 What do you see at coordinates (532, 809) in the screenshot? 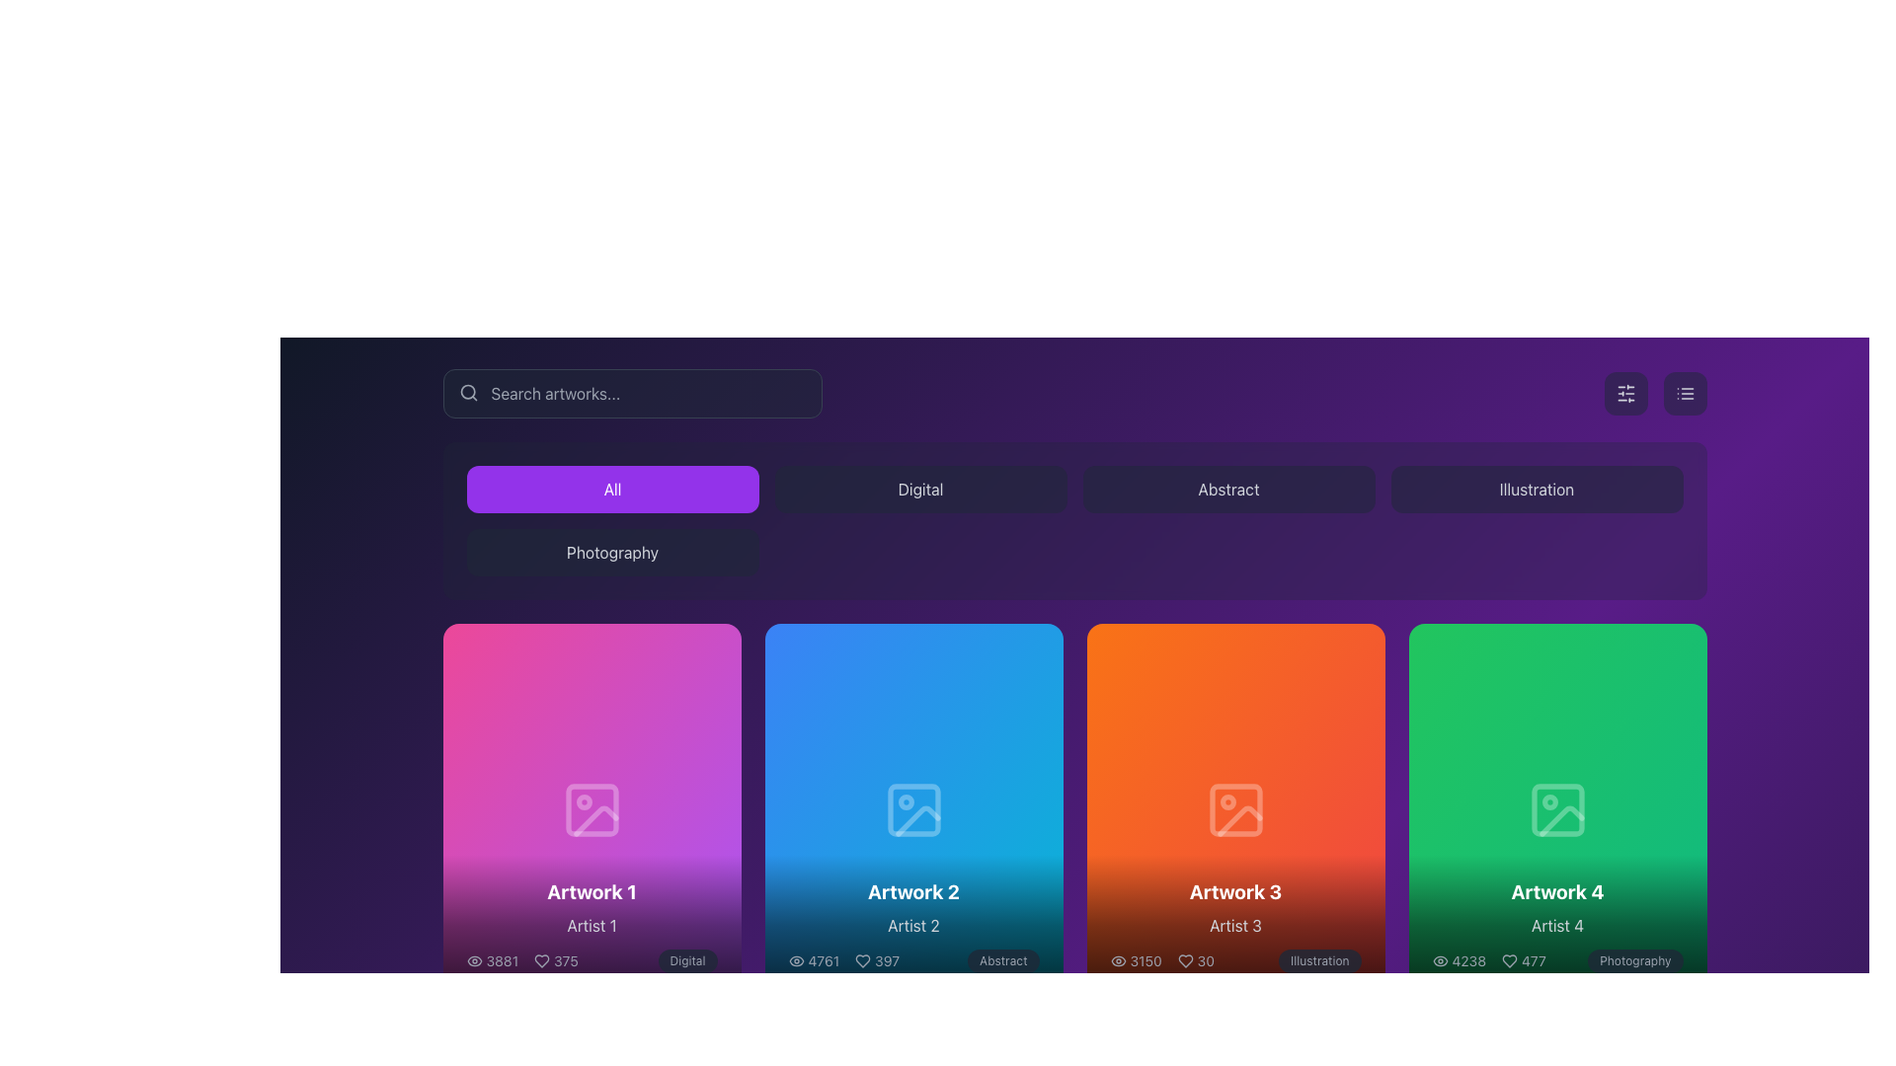
I see `the leftmost interactive button in the overlay of the first card in the grid layout` at bounding box center [532, 809].